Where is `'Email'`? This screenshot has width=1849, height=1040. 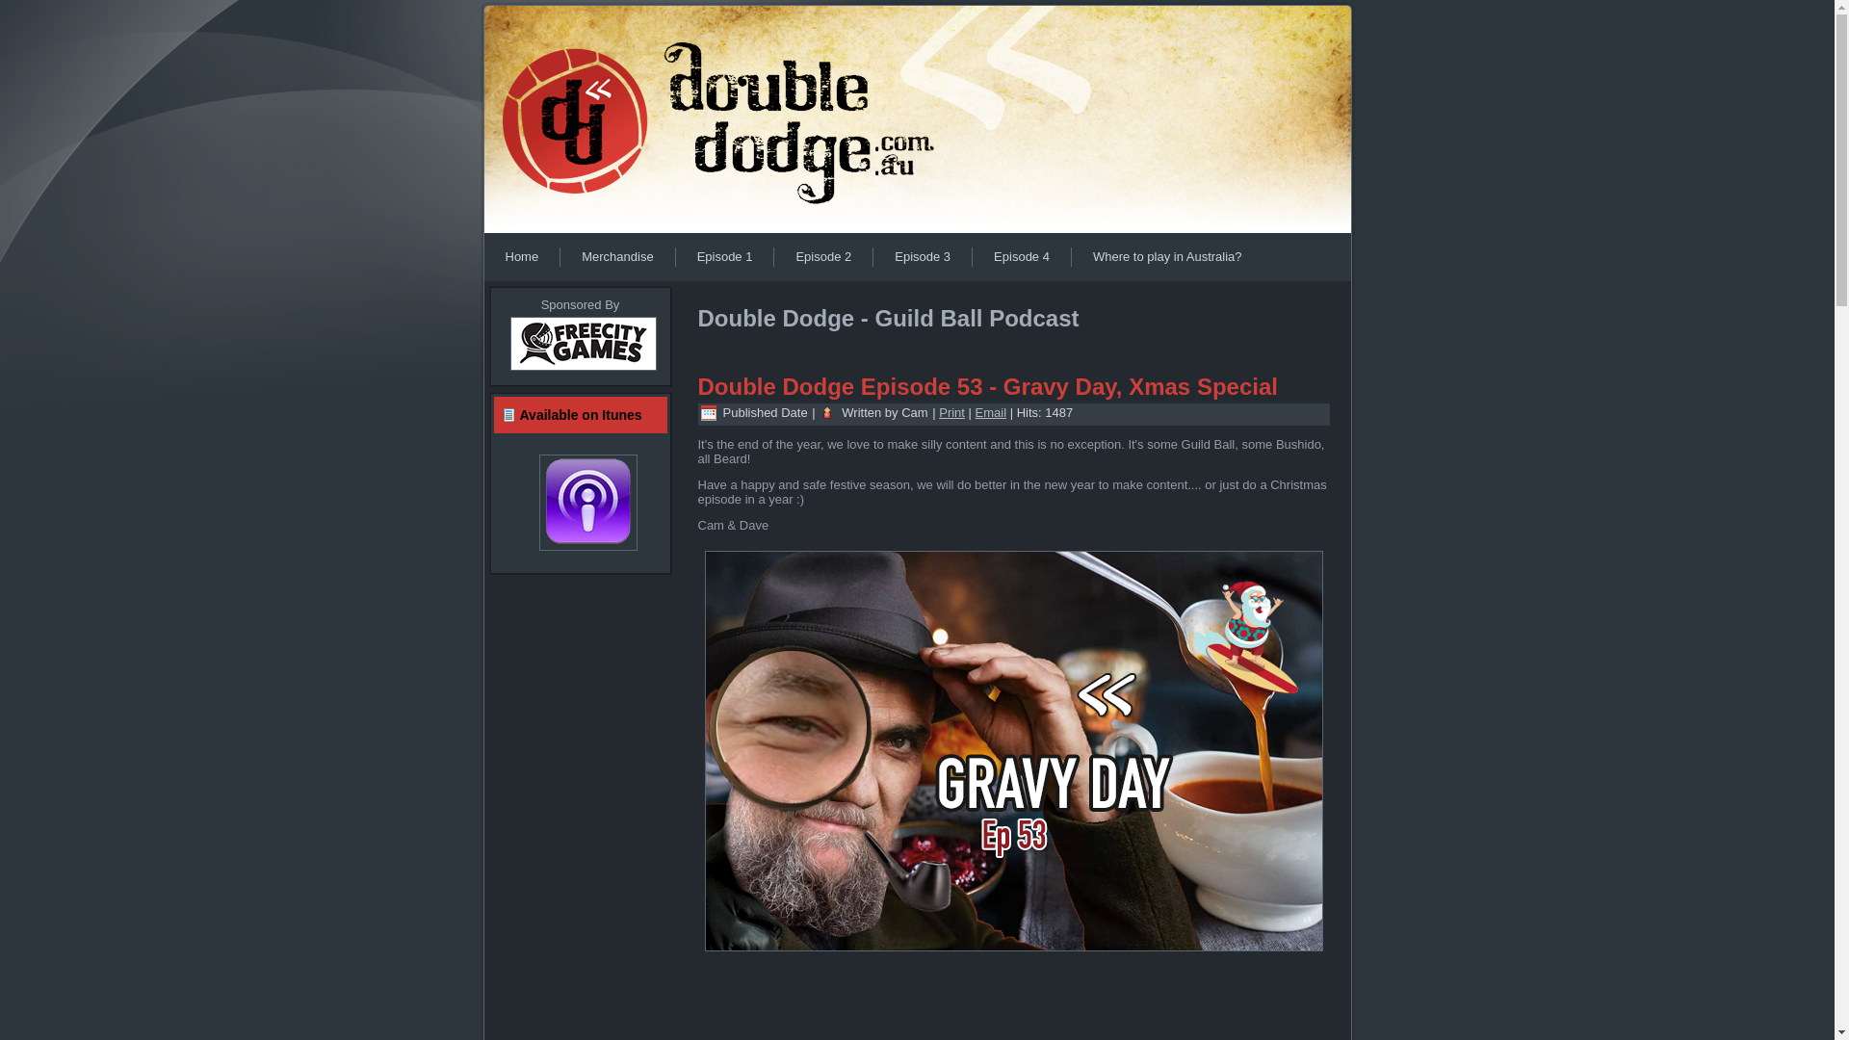 'Email' is located at coordinates (991, 411).